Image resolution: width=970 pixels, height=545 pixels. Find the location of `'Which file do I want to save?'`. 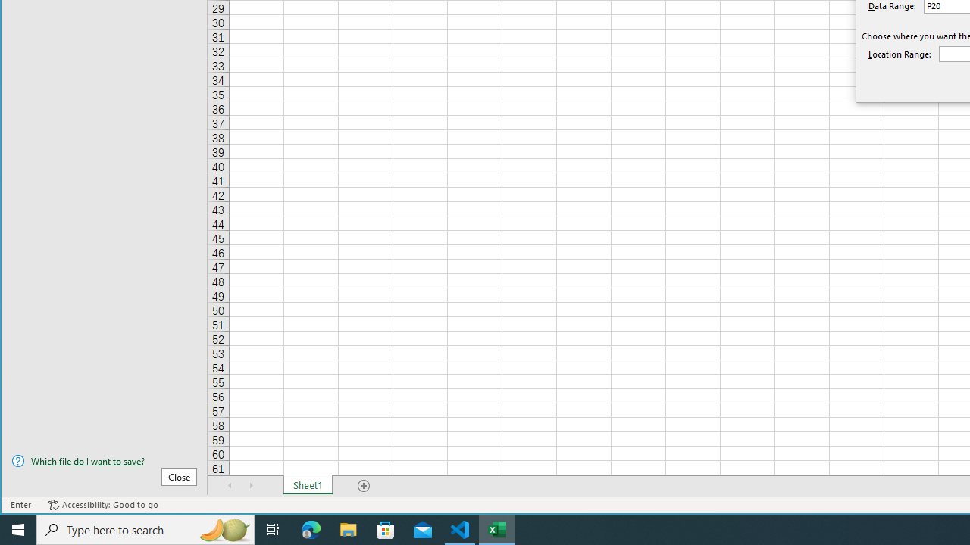

'Which file do I want to save?' is located at coordinates (103, 460).